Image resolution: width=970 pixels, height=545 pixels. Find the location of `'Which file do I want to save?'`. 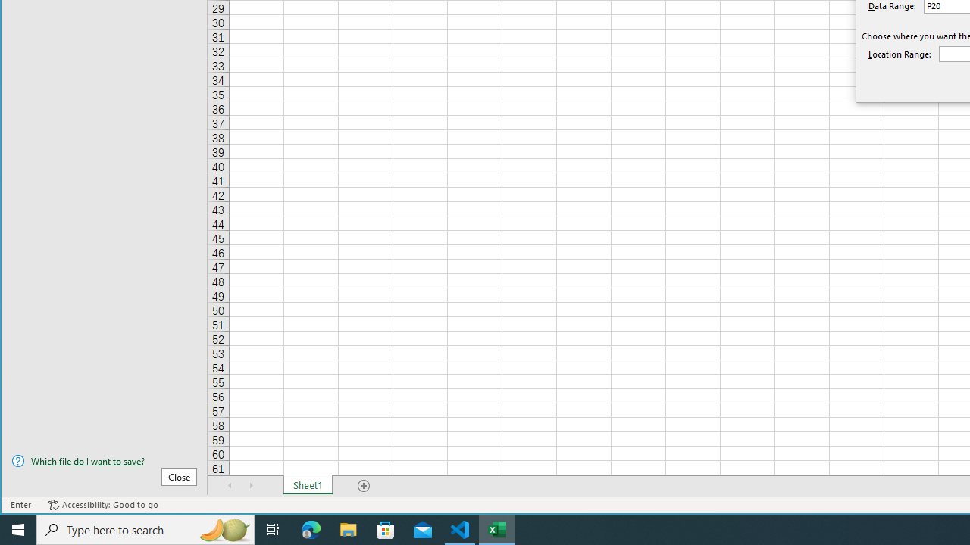

'Which file do I want to save?' is located at coordinates (103, 460).